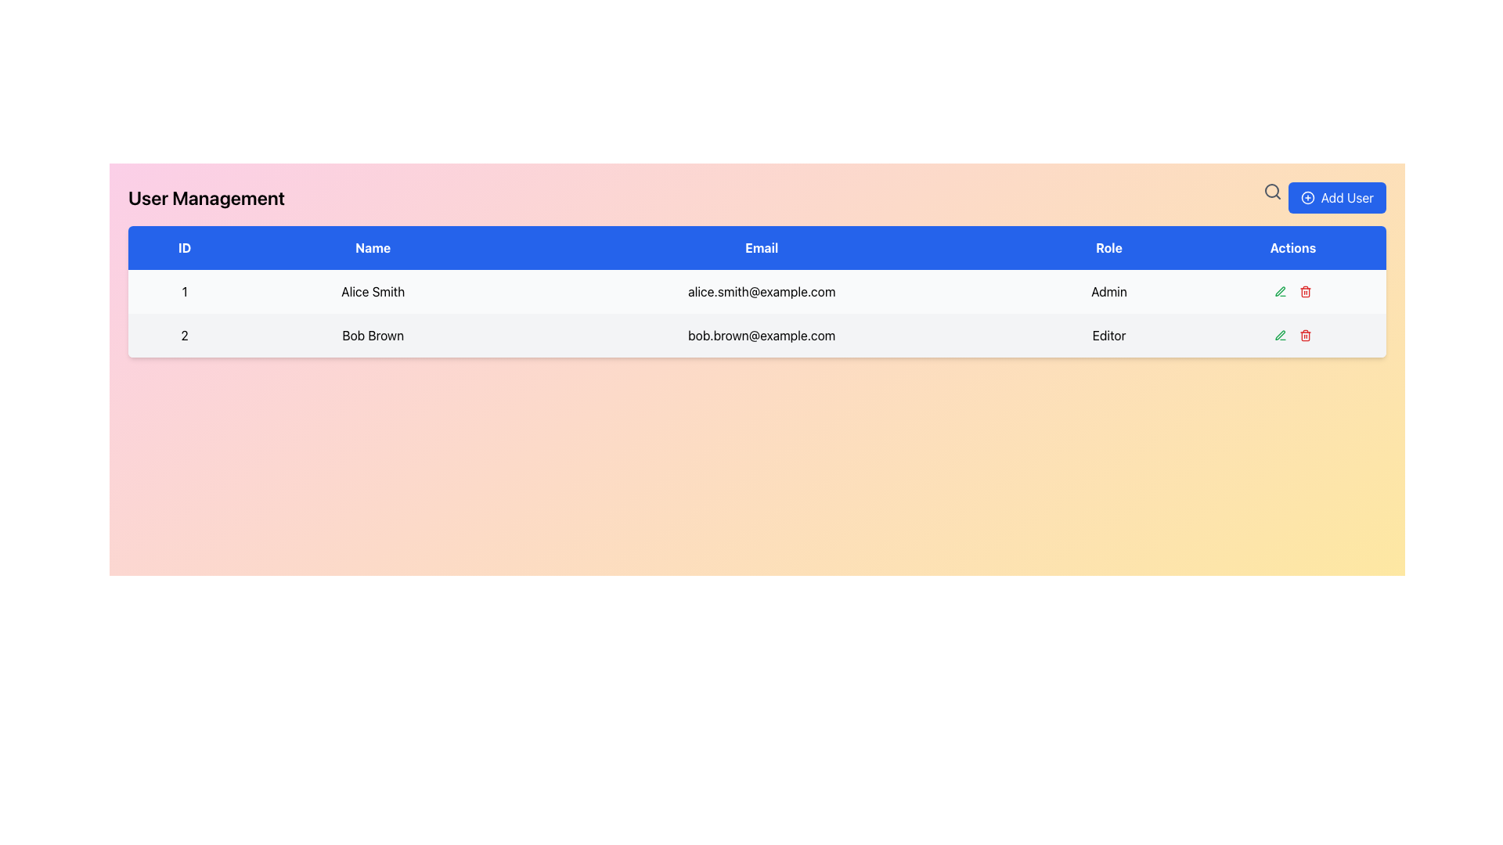 The width and height of the screenshot is (1503, 845). I want to click on the IconButton in the 'Actions' column of the table in the second row for user 'Alice Smith', so click(1280, 334).